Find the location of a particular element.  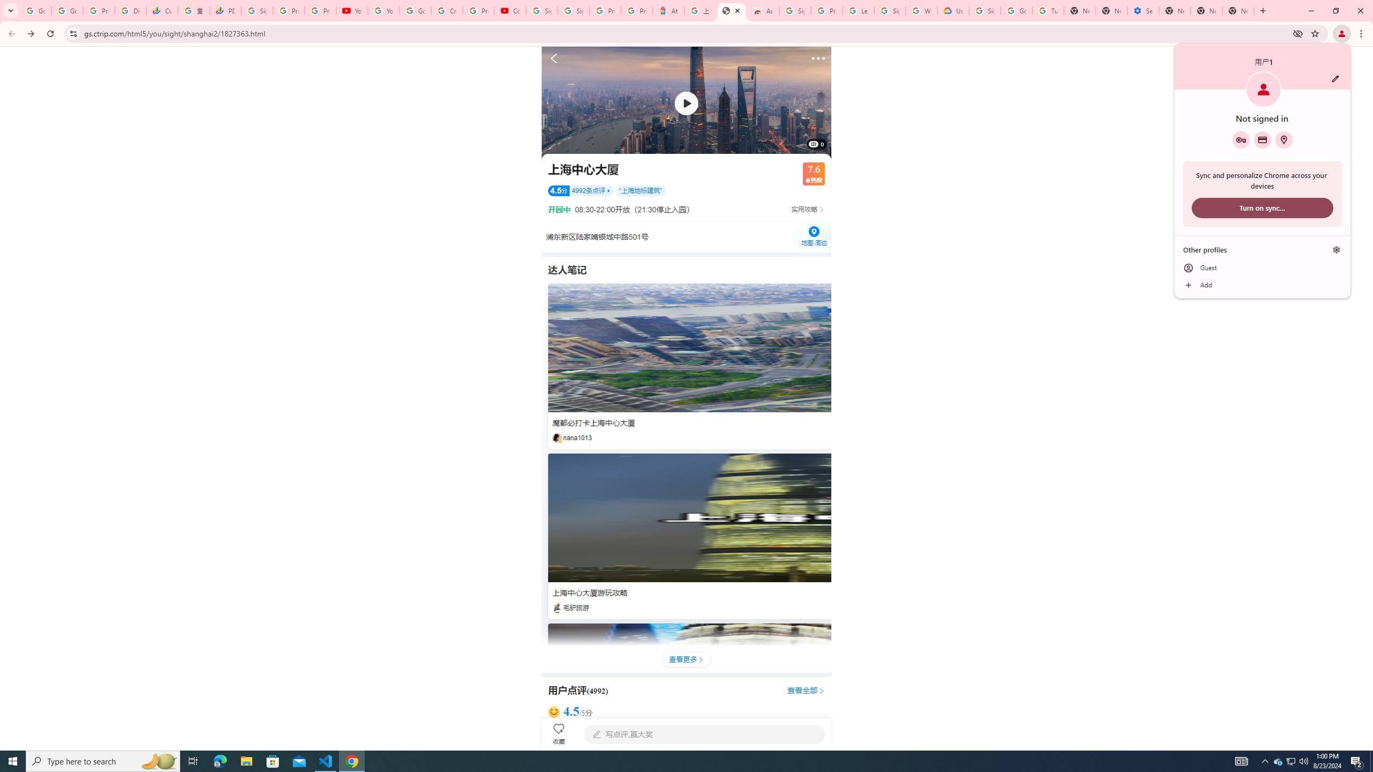

'Google Password Manager' is located at coordinates (1241, 139).